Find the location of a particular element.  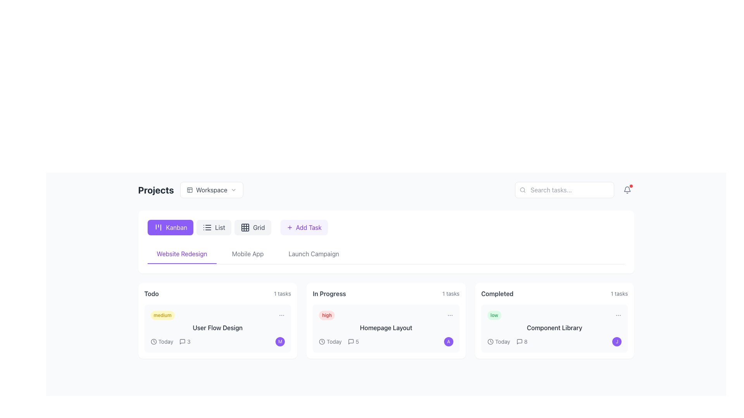

the SVG Circle representing a clock icon located at the upper-right corner of the interface by clicking on it is located at coordinates (490, 341).